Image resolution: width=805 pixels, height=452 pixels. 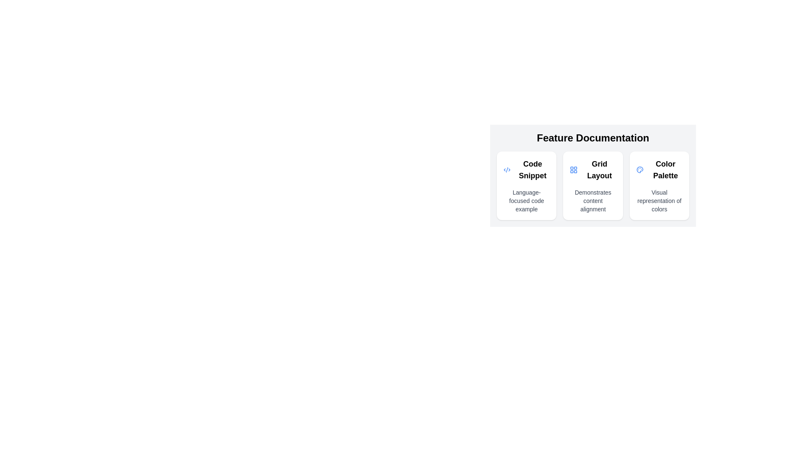 I want to click on the Color Palette icon located within the 'Feature Documentation' group, so click(x=639, y=169).